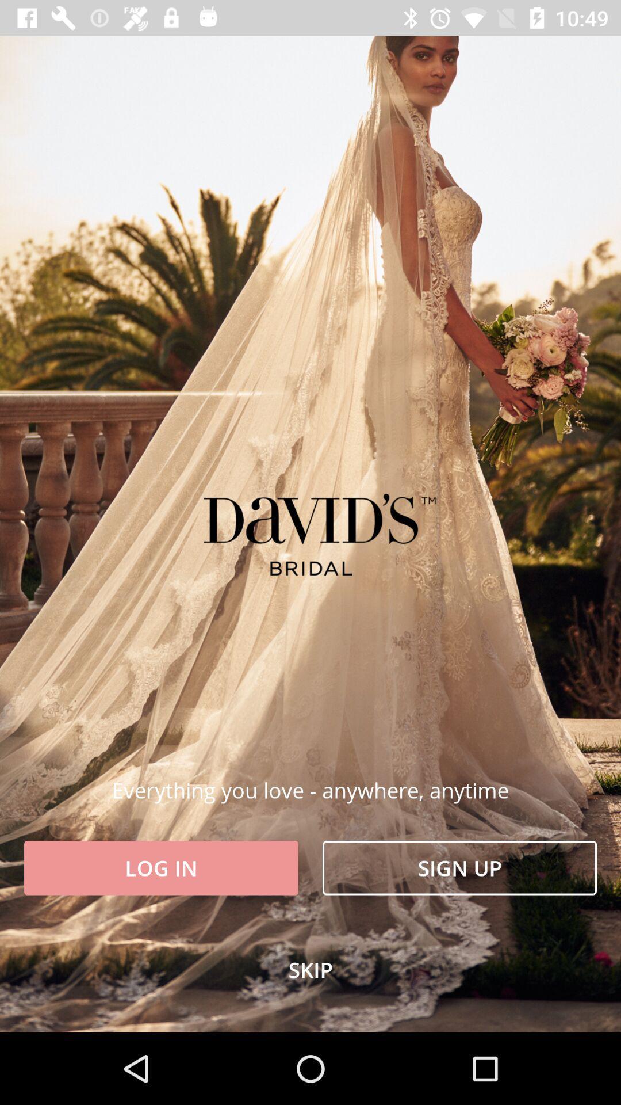 The image size is (621, 1105). I want to click on the item below the everything you love, so click(459, 868).